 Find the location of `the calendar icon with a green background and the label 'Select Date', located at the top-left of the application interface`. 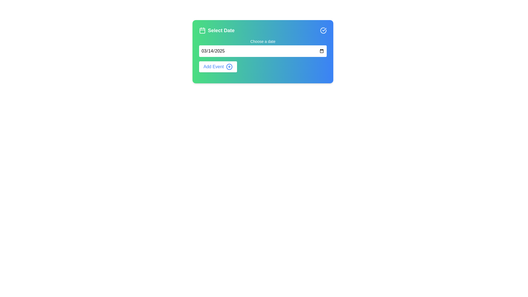

the calendar icon with a green background and the label 'Select Date', located at the top-left of the application interface is located at coordinates (202, 31).